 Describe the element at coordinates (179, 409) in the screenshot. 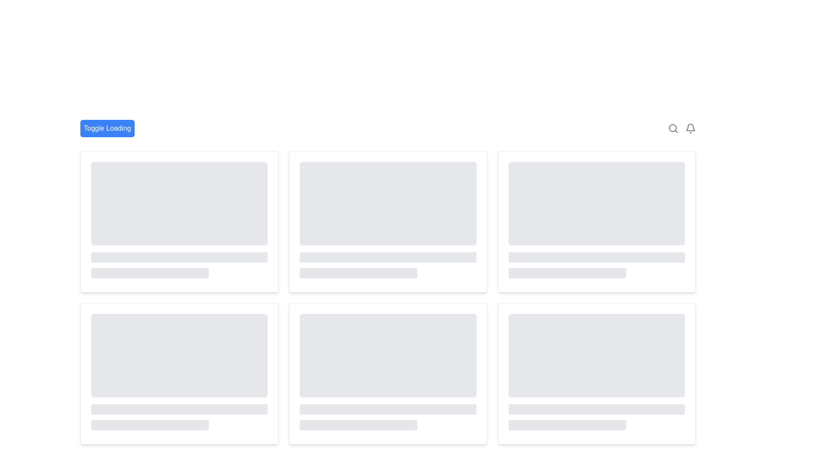

I see `the Placeholder bar, which represents content yet to be loaded, located in the lower portion of the grid item` at that location.